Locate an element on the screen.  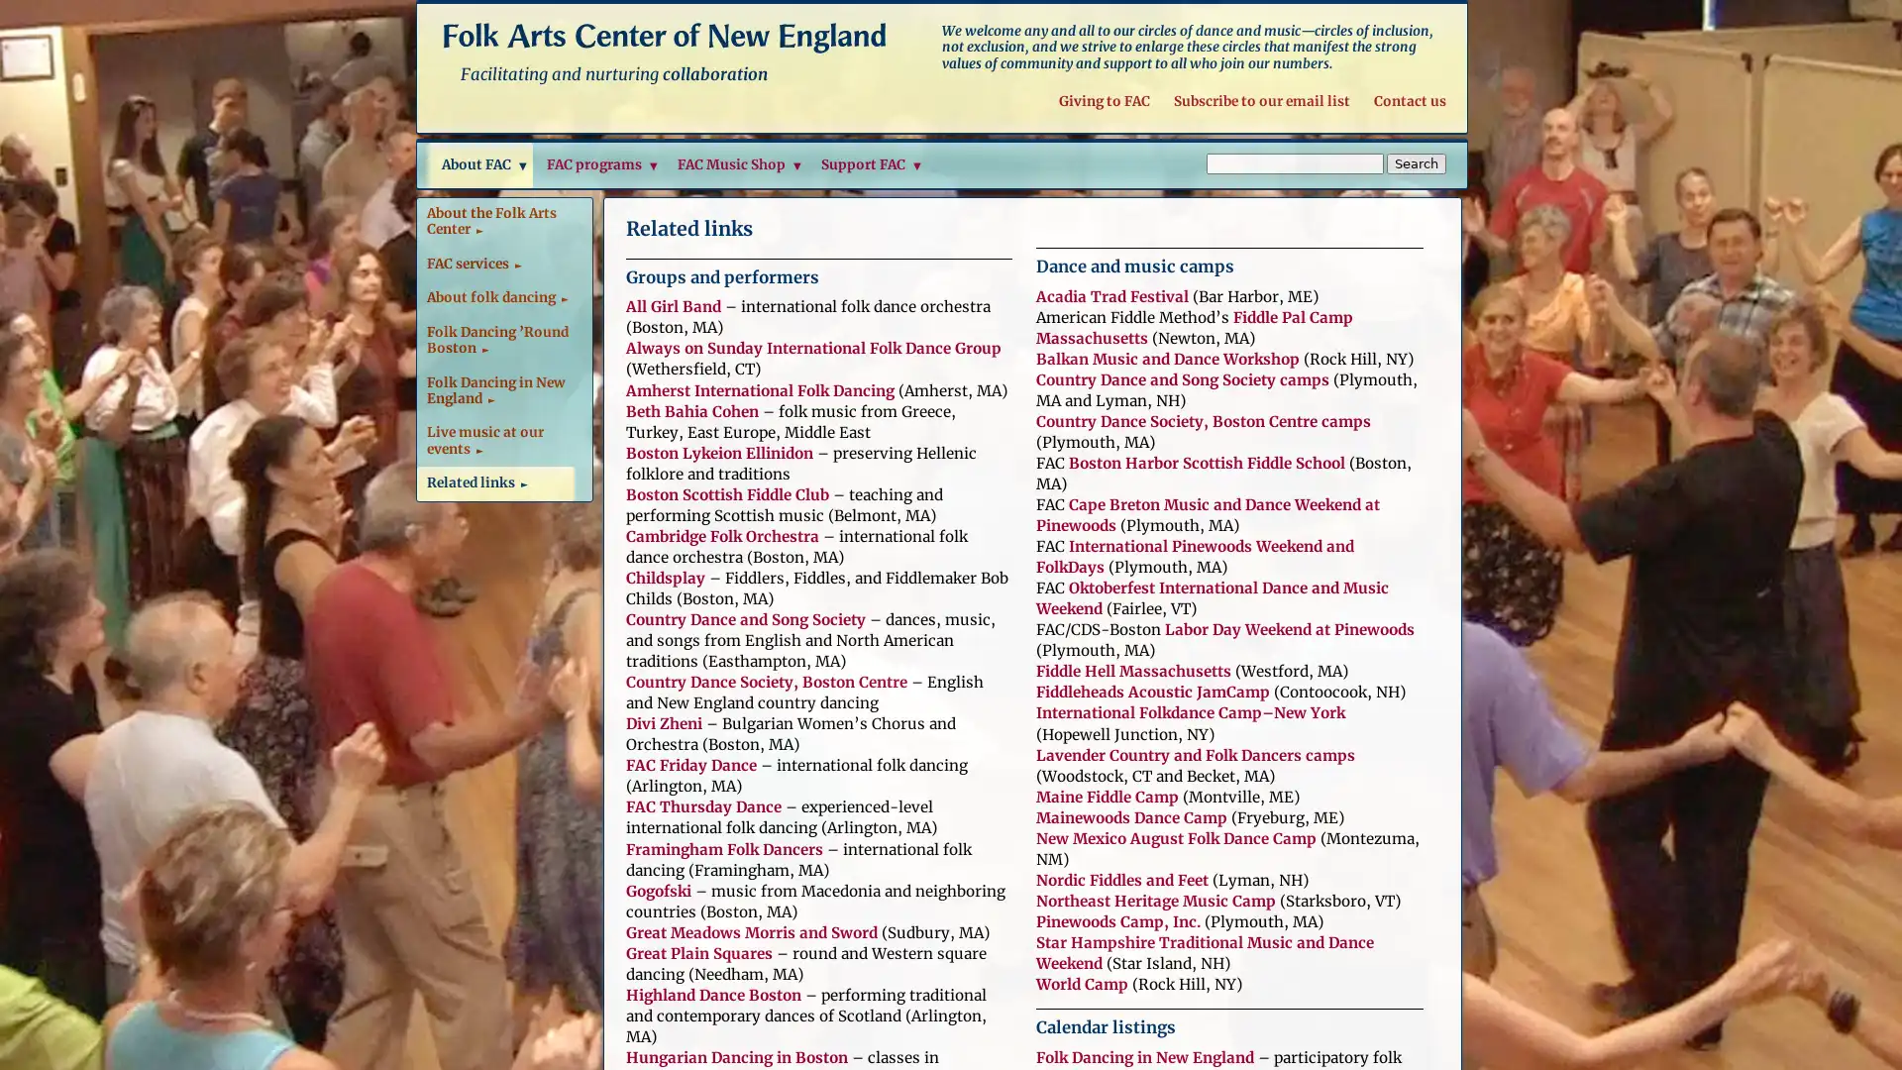
Search is located at coordinates (1416, 161).